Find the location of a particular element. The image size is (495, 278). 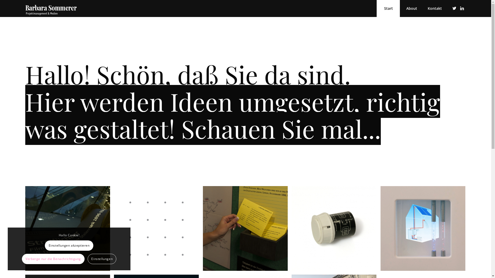

'Einstellungen' is located at coordinates (102, 259).